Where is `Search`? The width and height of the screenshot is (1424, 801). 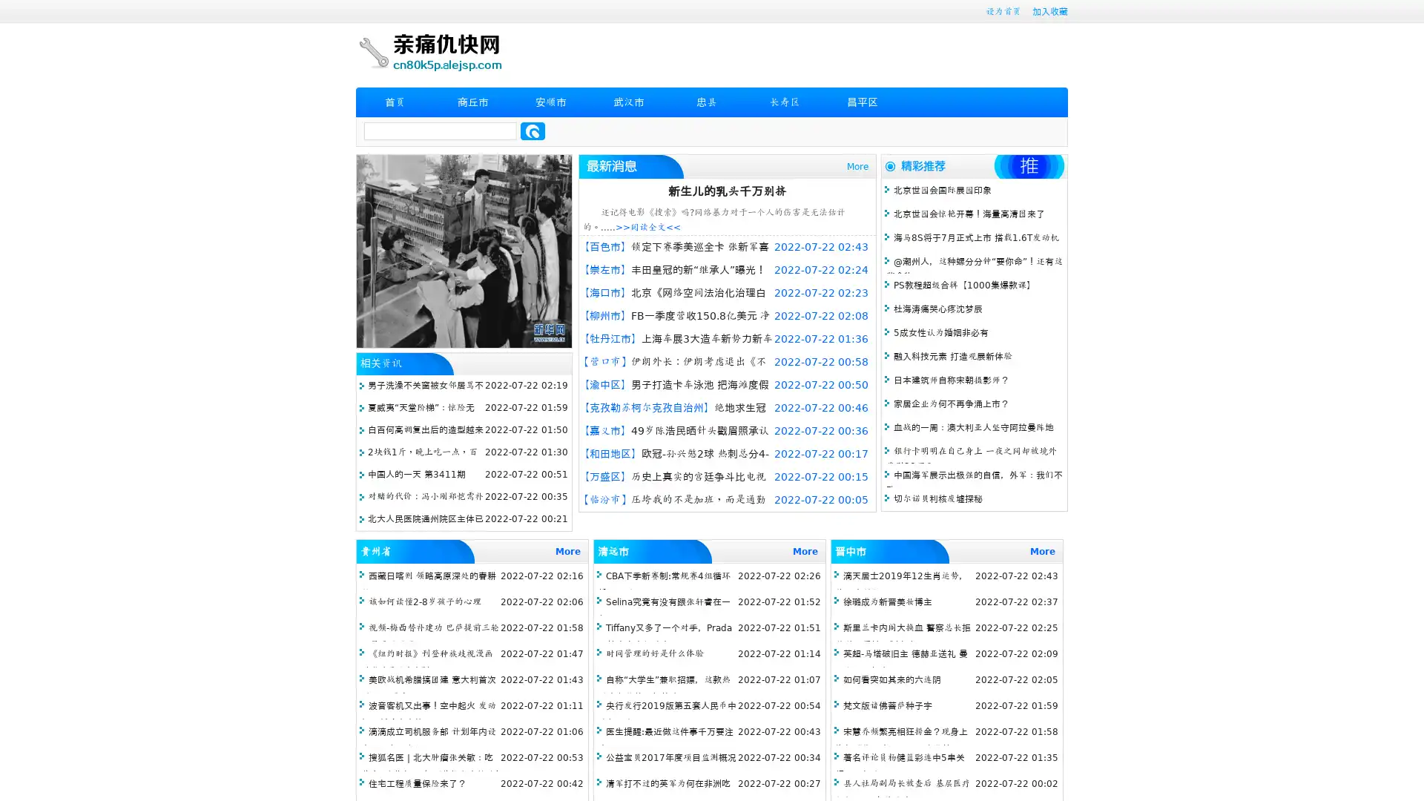
Search is located at coordinates (533, 131).